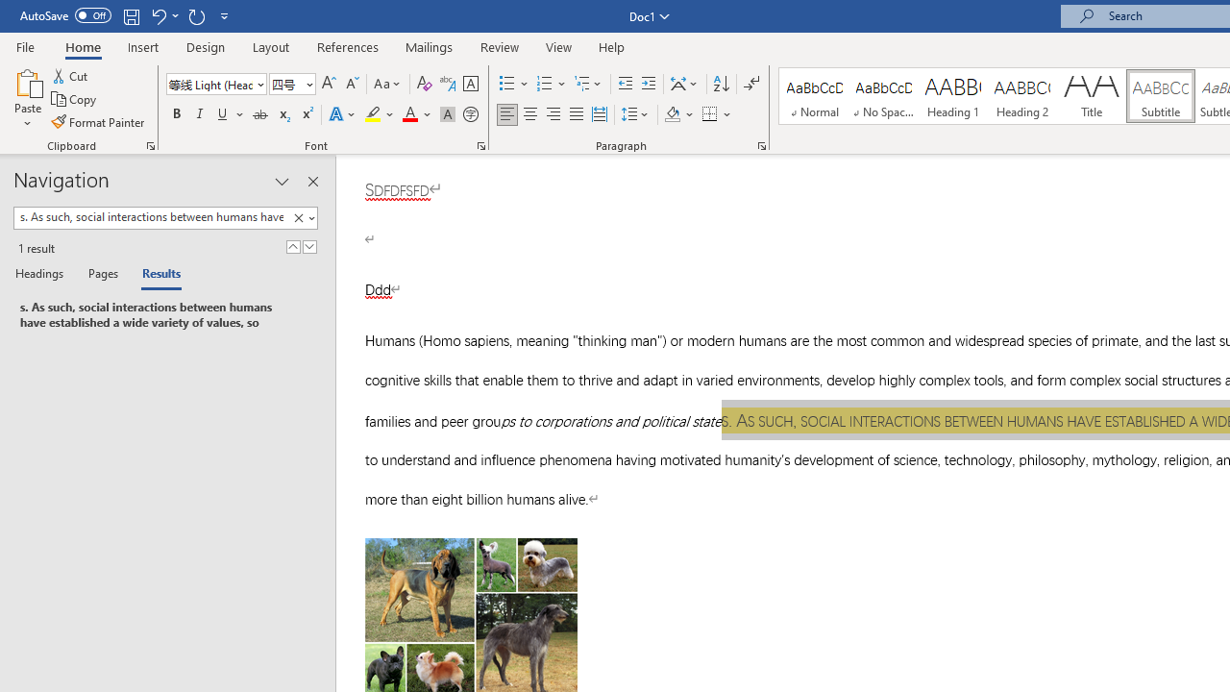 Image resolution: width=1230 pixels, height=692 pixels. What do you see at coordinates (223, 114) in the screenshot?
I see `'Underline'` at bounding box center [223, 114].